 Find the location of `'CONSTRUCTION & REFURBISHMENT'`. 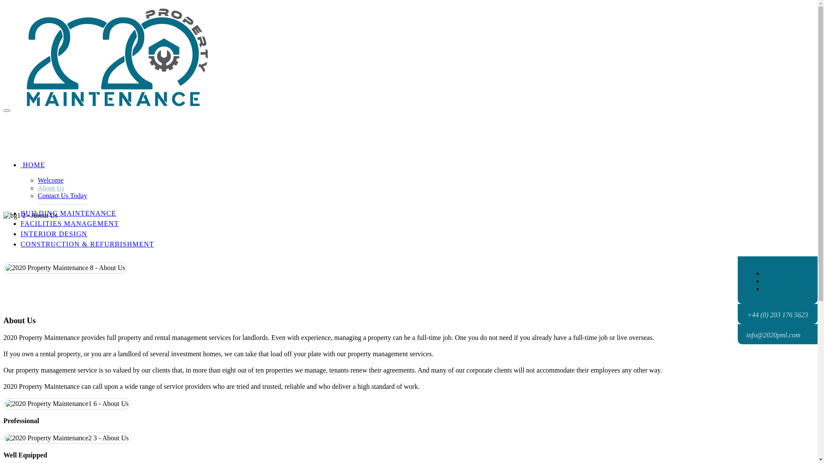

'CONSTRUCTION & REFURBISHMENT' is located at coordinates (87, 244).